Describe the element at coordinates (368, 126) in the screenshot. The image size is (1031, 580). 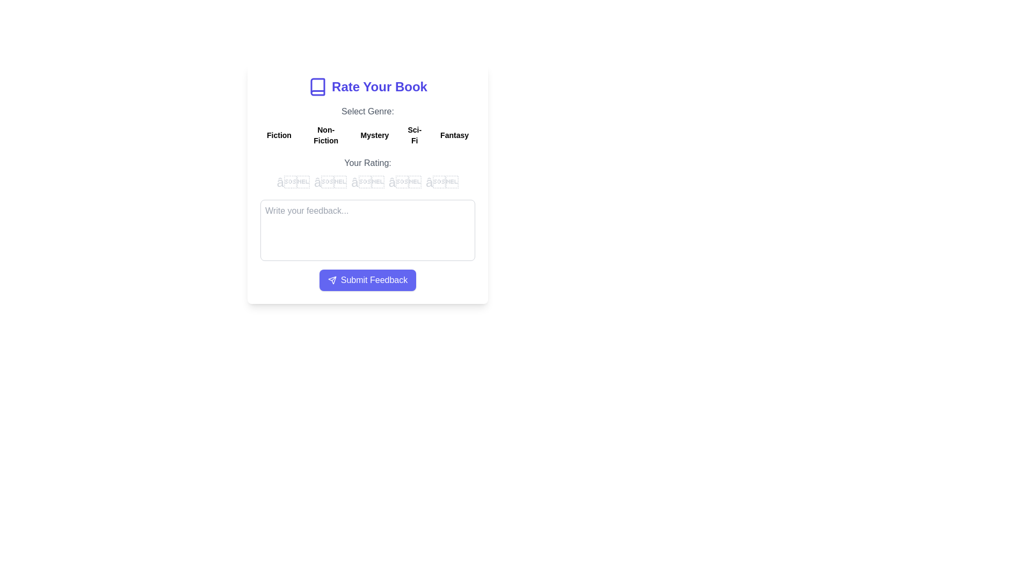
I see `a genre button in the 'Select Genre:' section` at that location.